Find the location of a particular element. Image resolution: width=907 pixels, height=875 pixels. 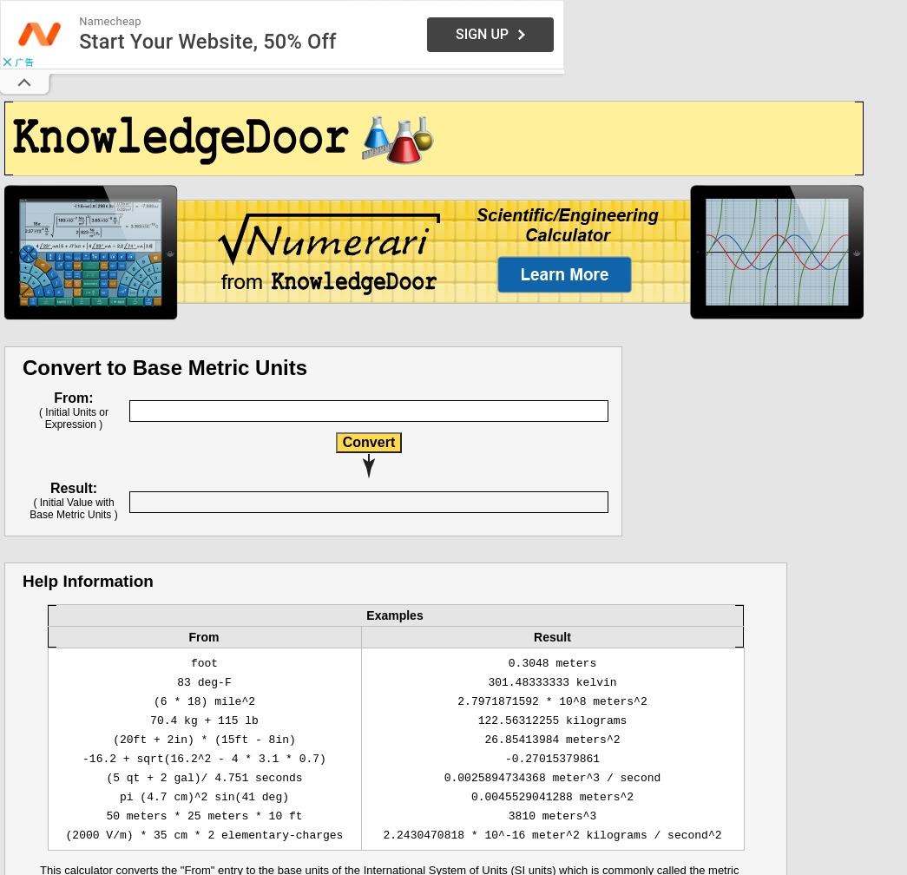

'50 meters * 25 meters * 10 ft' is located at coordinates (203, 816).